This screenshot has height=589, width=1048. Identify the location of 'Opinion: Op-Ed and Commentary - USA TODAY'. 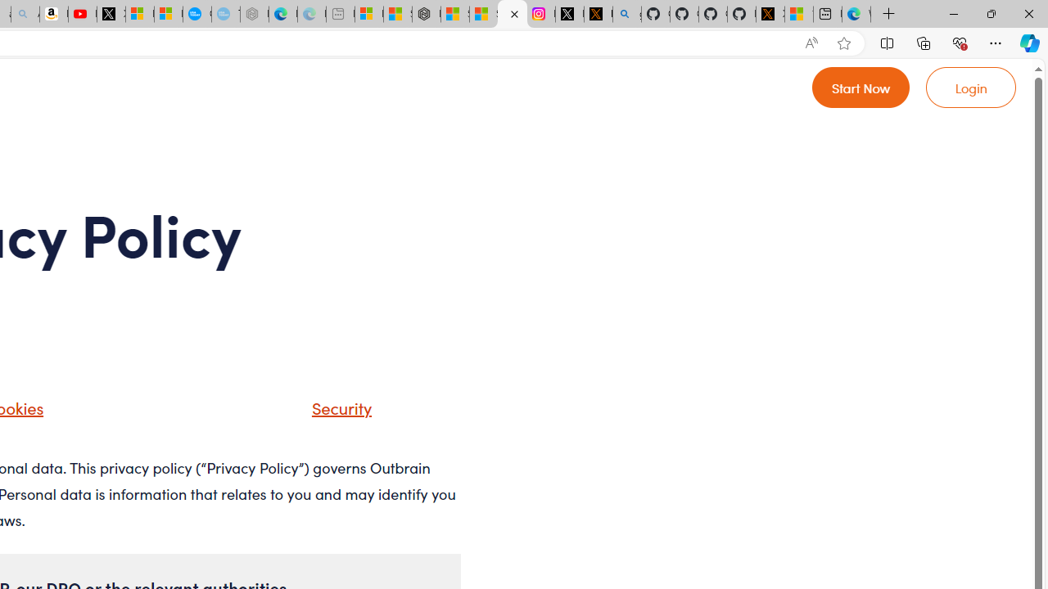
(196, 14).